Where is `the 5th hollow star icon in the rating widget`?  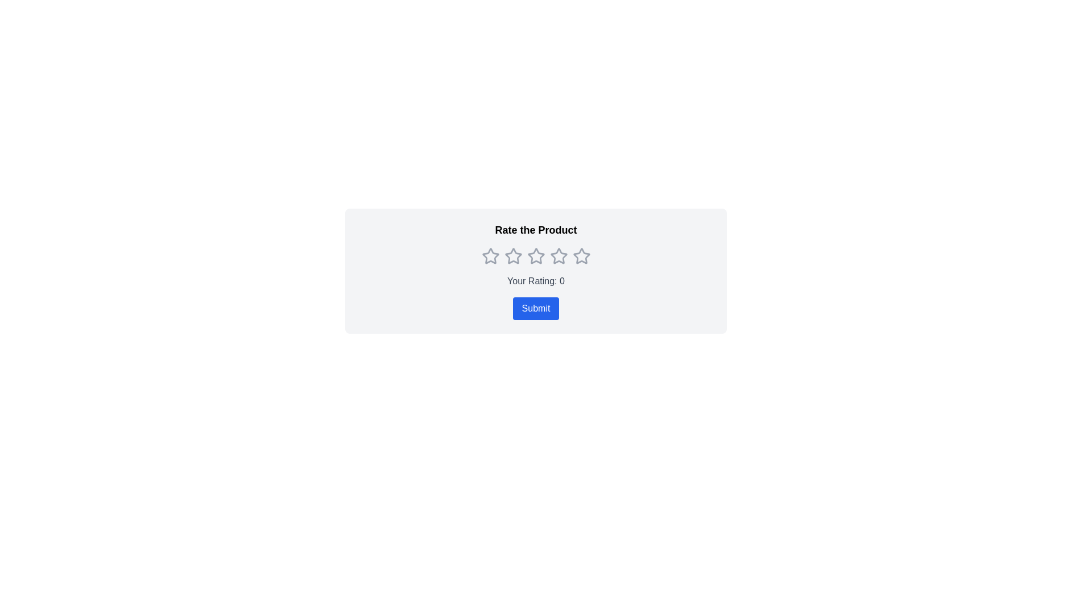 the 5th hollow star icon in the rating widget is located at coordinates (581, 256).